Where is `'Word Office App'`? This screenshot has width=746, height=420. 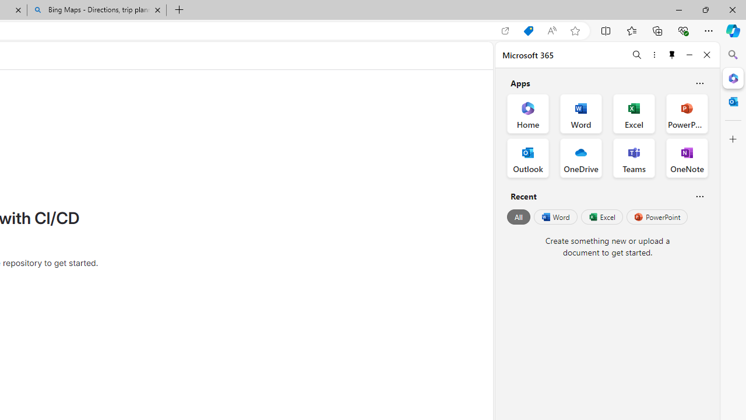
'Word Office App' is located at coordinates (581, 114).